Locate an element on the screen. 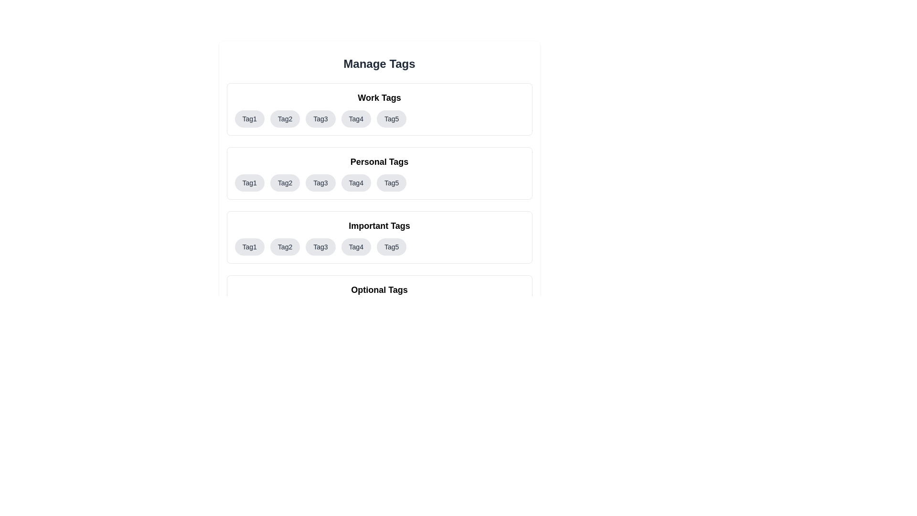  a tag within the Interactive tag group located in the 'Personal Tags' section is located at coordinates (379, 183).